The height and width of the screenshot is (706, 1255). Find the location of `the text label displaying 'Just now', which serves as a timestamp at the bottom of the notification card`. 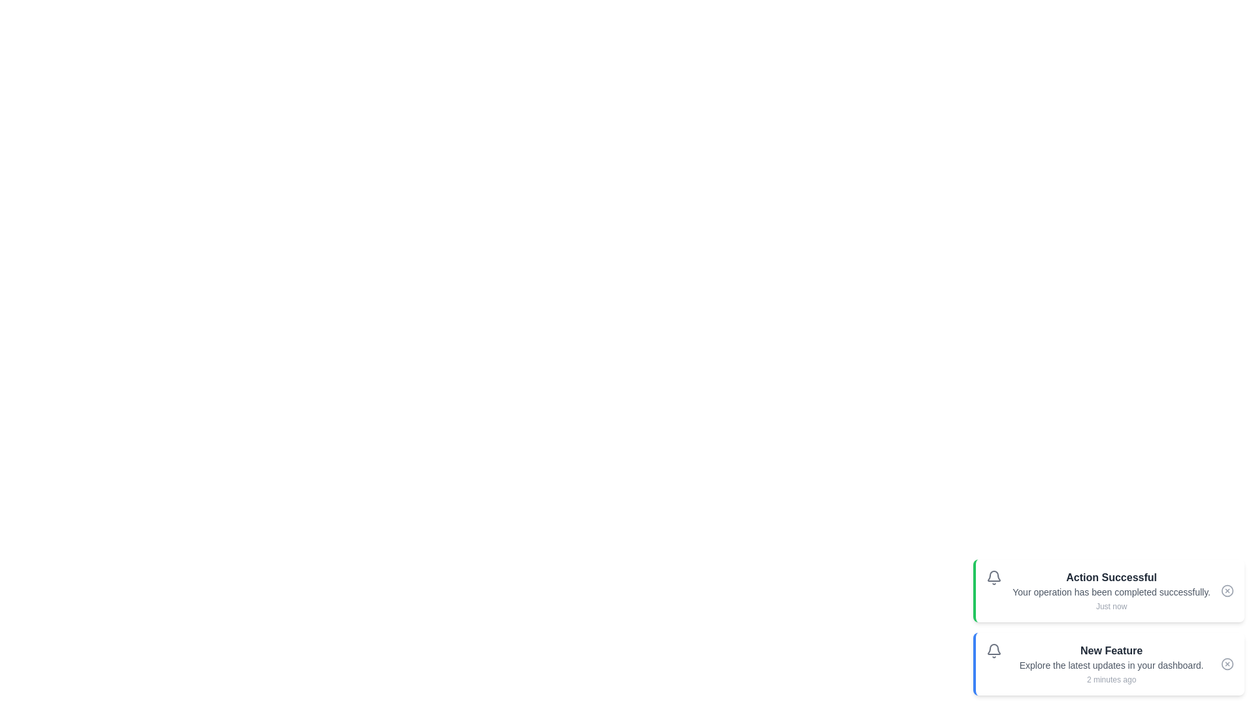

the text label displaying 'Just now', which serves as a timestamp at the bottom of the notification card is located at coordinates (1111, 607).